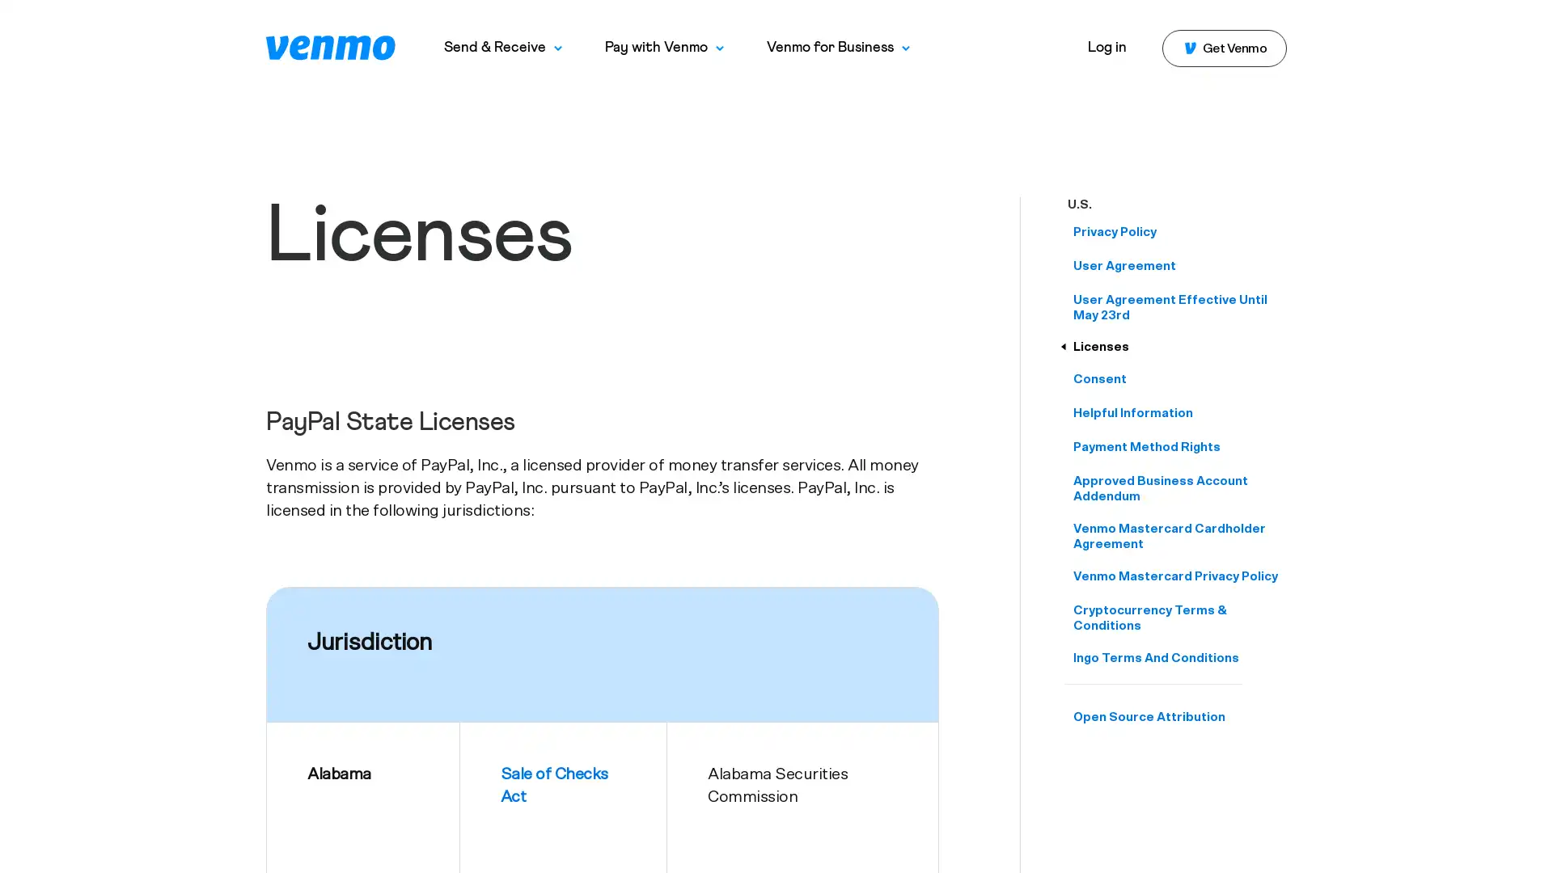 This screenshot has height=873, width=1553. Describe the element at coordinates (1179, 658) in the screenshot. I see `Terms tab name - Ingo Terms And Conditions` at that location.